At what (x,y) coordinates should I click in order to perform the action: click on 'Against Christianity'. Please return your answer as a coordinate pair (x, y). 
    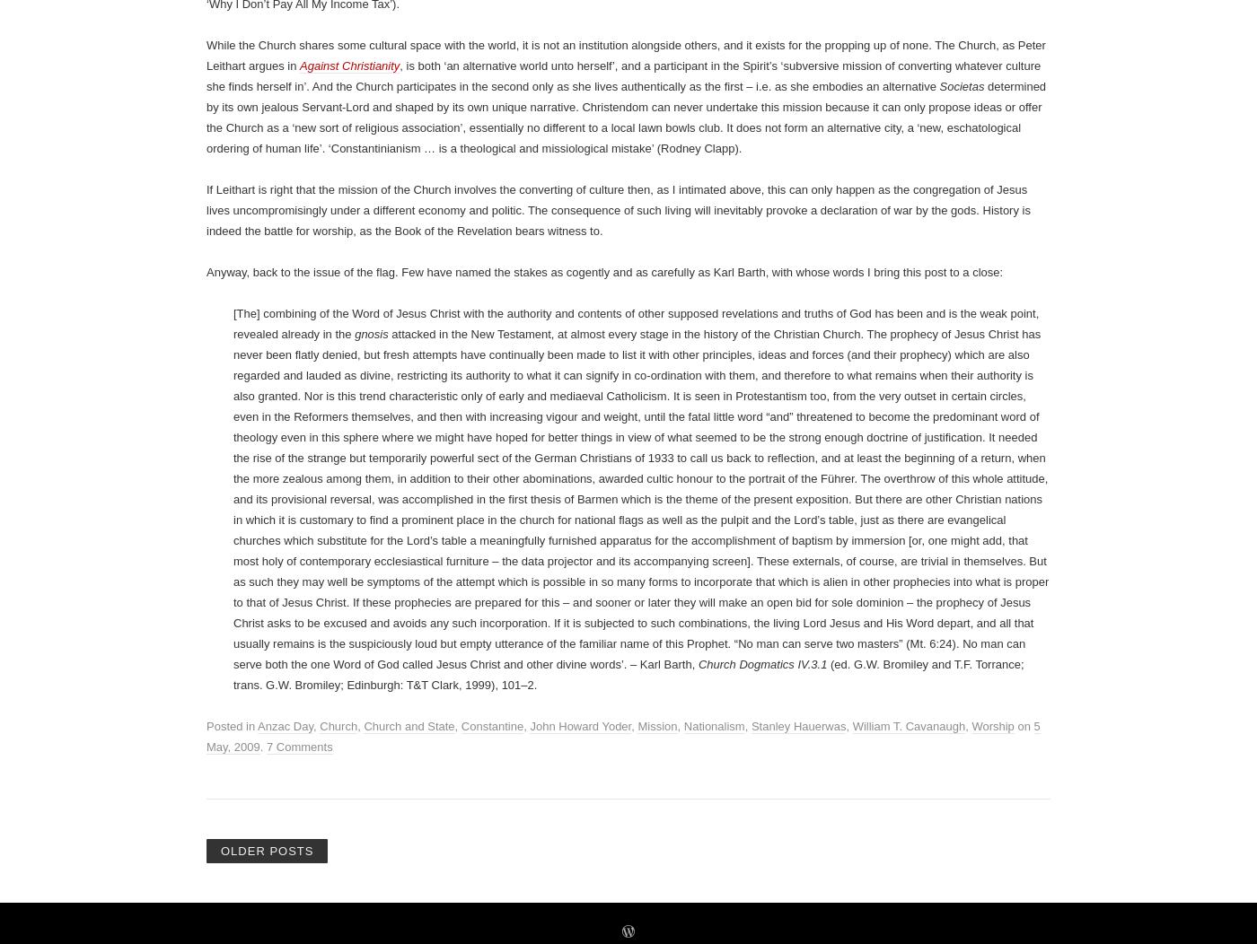
    Looking at the image, I should click on (300, 753).